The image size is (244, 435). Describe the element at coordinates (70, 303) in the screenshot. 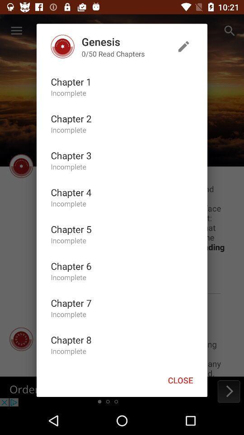

I see `the chapter 7 icon` at that location.